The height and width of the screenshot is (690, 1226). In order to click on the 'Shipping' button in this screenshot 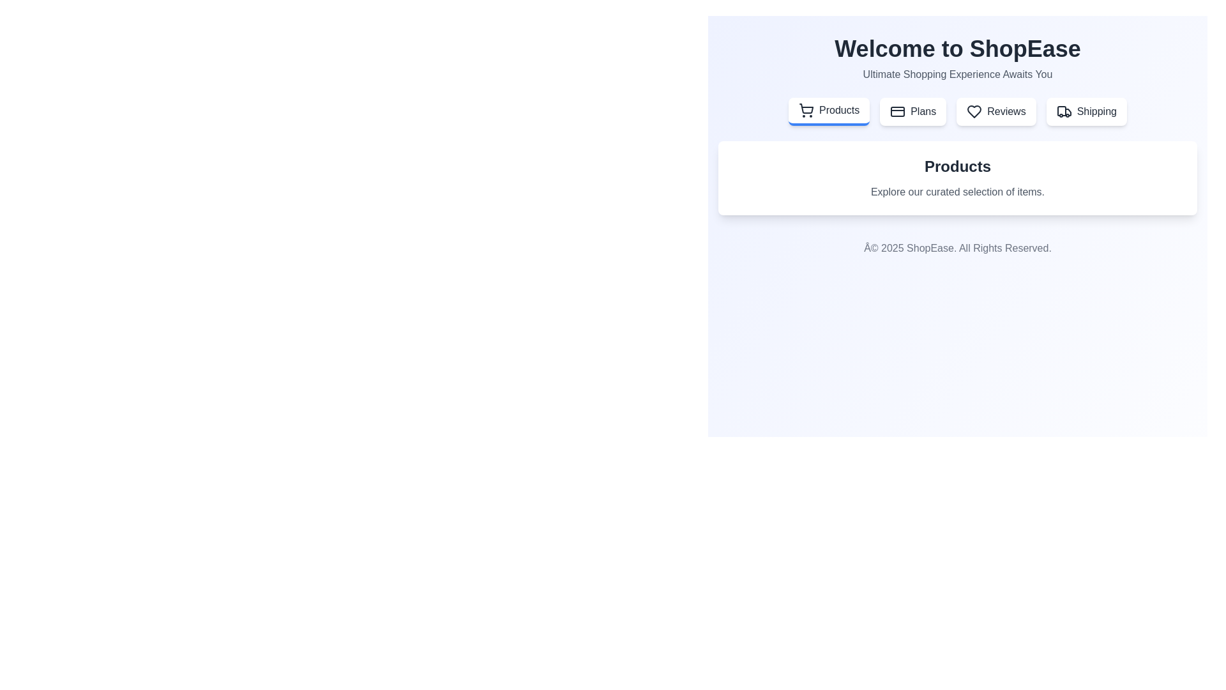, I will do `click(1086, 111)`.